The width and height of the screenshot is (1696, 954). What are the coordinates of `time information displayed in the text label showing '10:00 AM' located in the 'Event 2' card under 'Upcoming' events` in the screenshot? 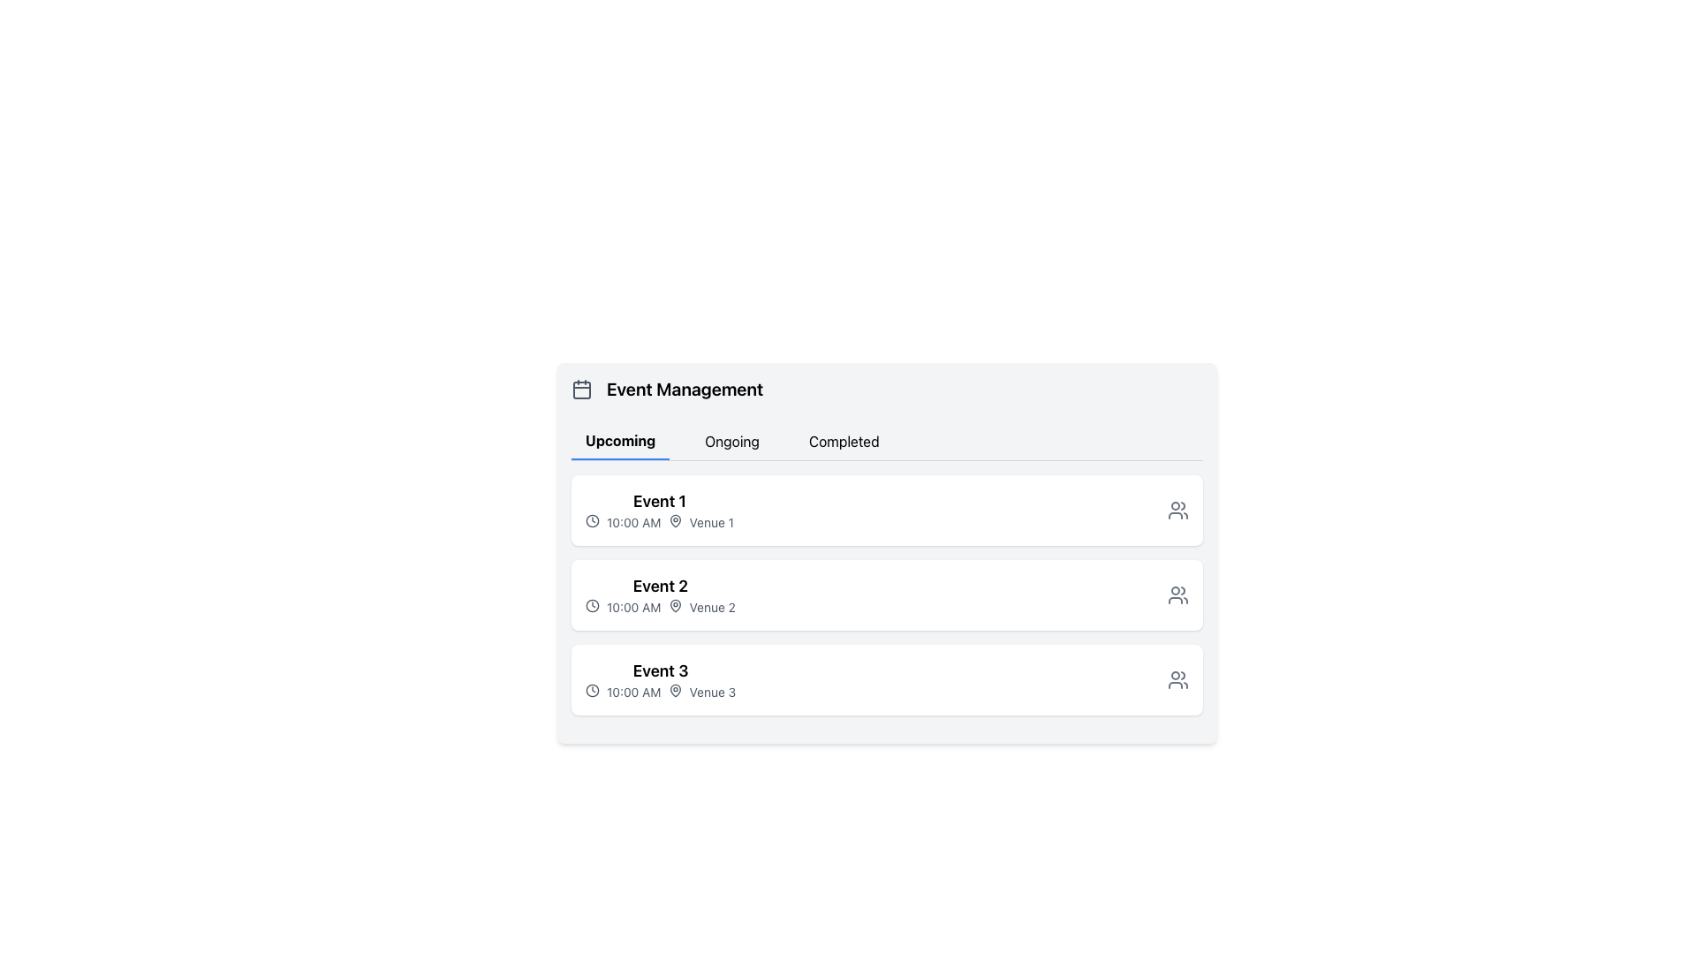 It's located at (633, 606).